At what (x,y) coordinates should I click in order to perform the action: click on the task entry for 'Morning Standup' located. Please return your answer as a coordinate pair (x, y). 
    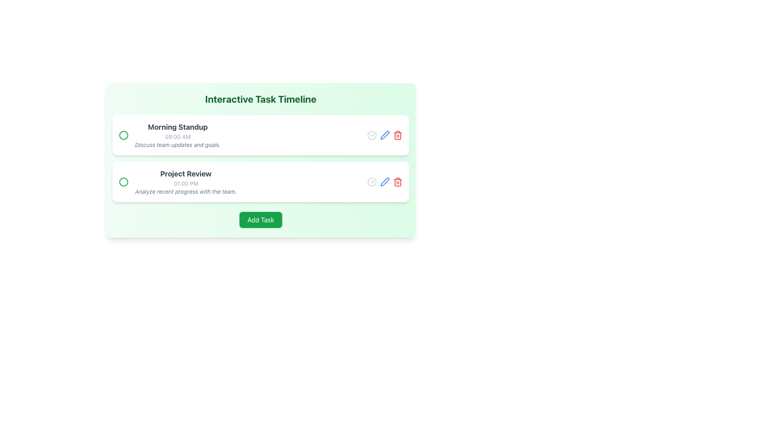
    Looking at the image, I should click on (169, 135).